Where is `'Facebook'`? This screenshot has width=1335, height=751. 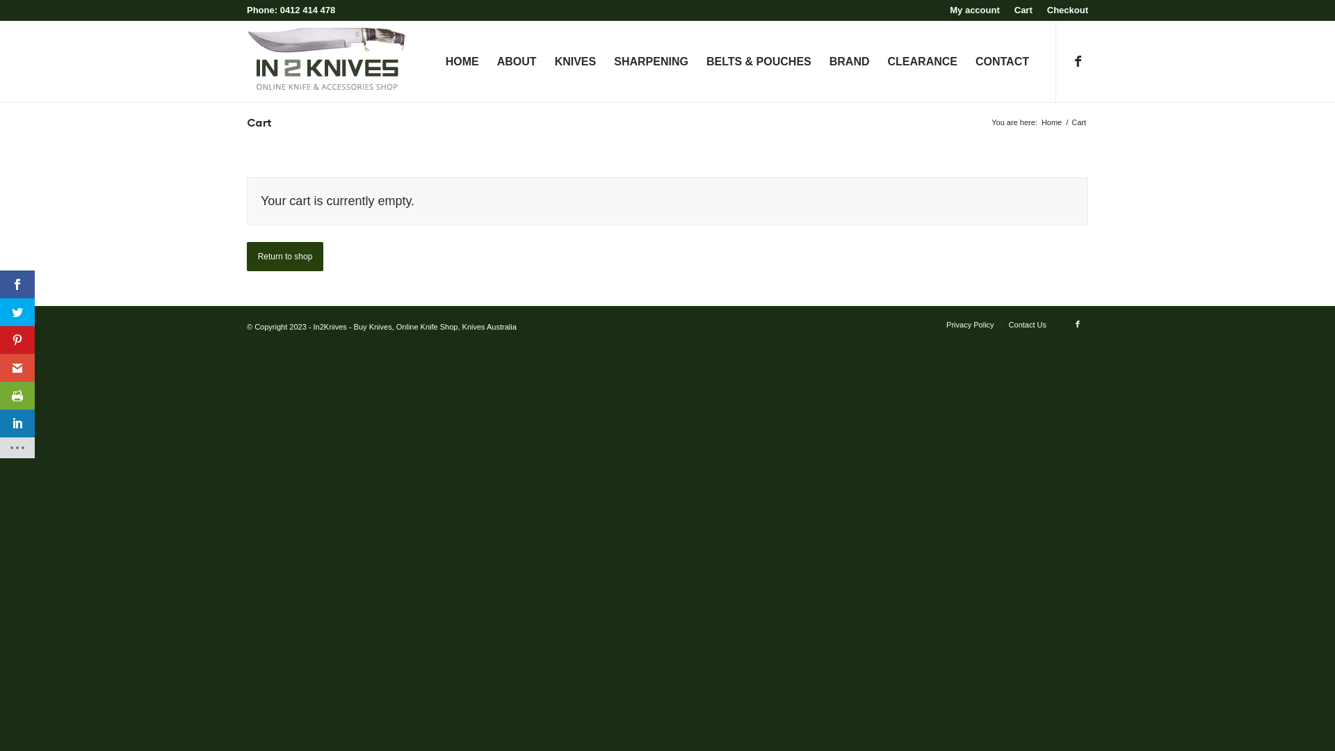
'Facebook' is located at coordinates (1077, 324).